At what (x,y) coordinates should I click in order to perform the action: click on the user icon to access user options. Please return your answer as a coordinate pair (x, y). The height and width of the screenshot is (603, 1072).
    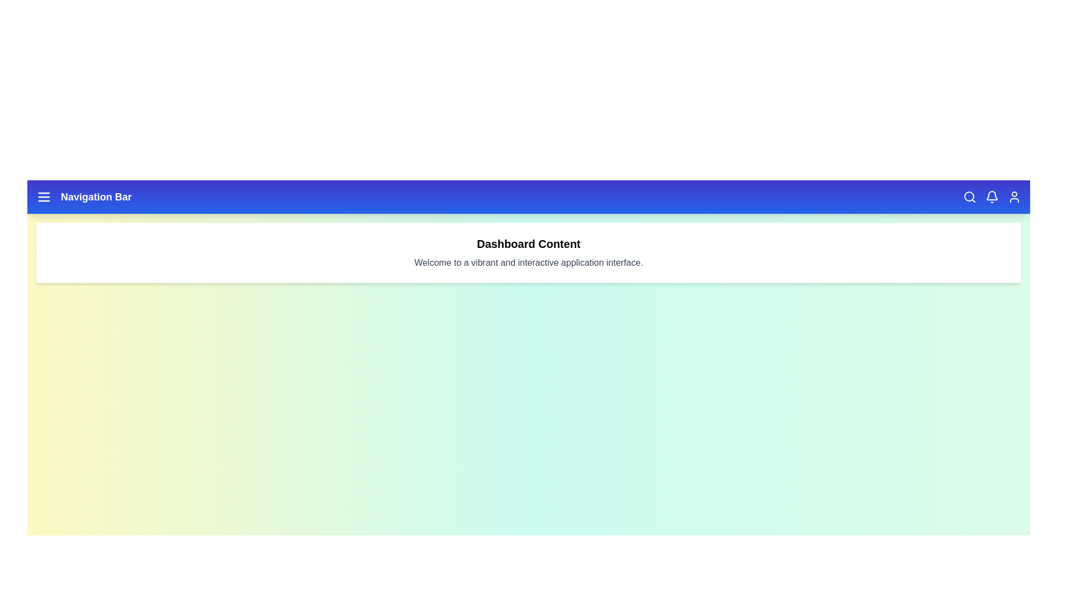
    Looking at the image, I should click on (1014, 197).